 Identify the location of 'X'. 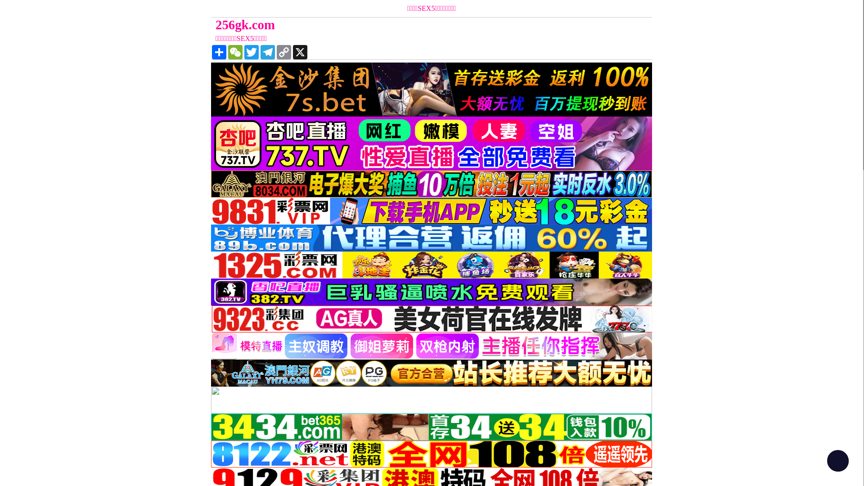
(300, 52).